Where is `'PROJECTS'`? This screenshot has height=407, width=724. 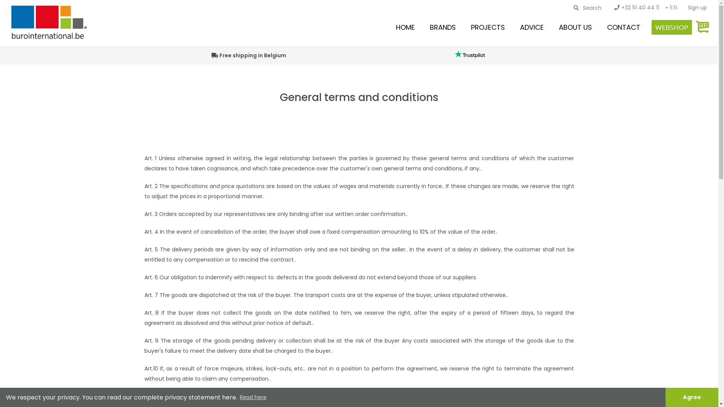 'PROJECTS' is located at coordinates (488, 27).